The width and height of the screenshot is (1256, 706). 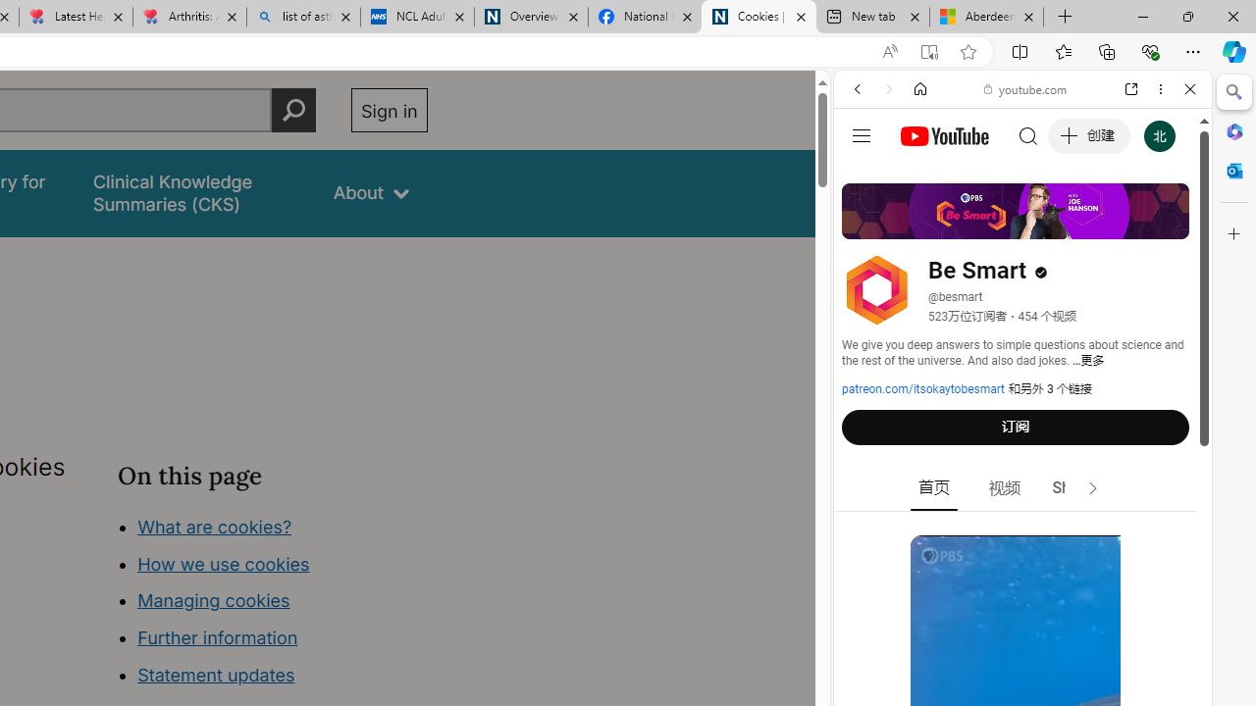 What do you see at coordinates (1025, 89) in the screenshot?
I see `'youtube.com'` at bounding box center [1025, 89].